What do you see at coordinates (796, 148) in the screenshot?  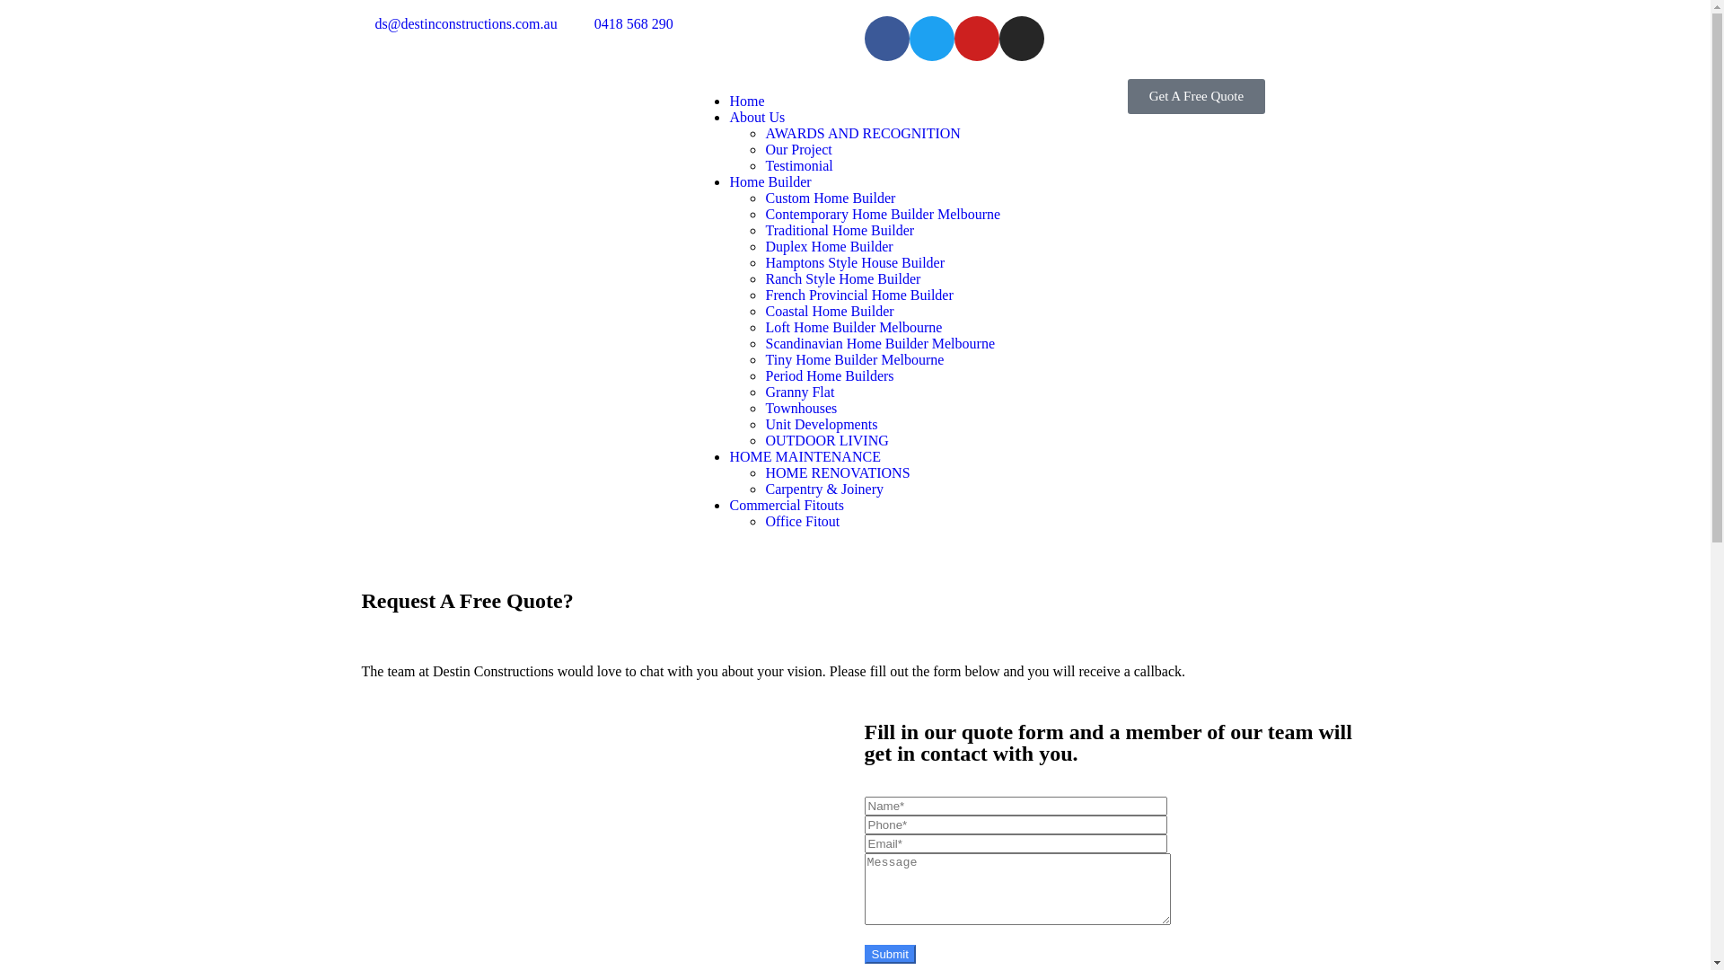 I see `'Our Project'` at bounding box center [796, 148].